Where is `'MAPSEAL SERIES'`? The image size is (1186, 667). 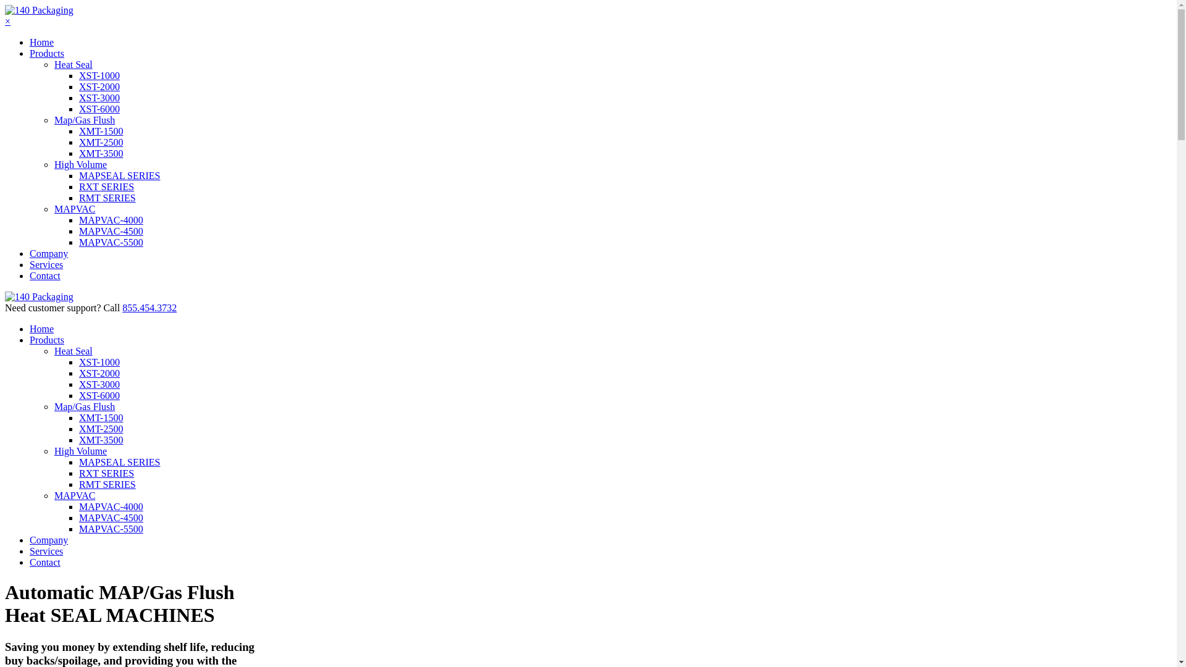 'MAPSEAL SERIES' is located at coordinates (78, 175).